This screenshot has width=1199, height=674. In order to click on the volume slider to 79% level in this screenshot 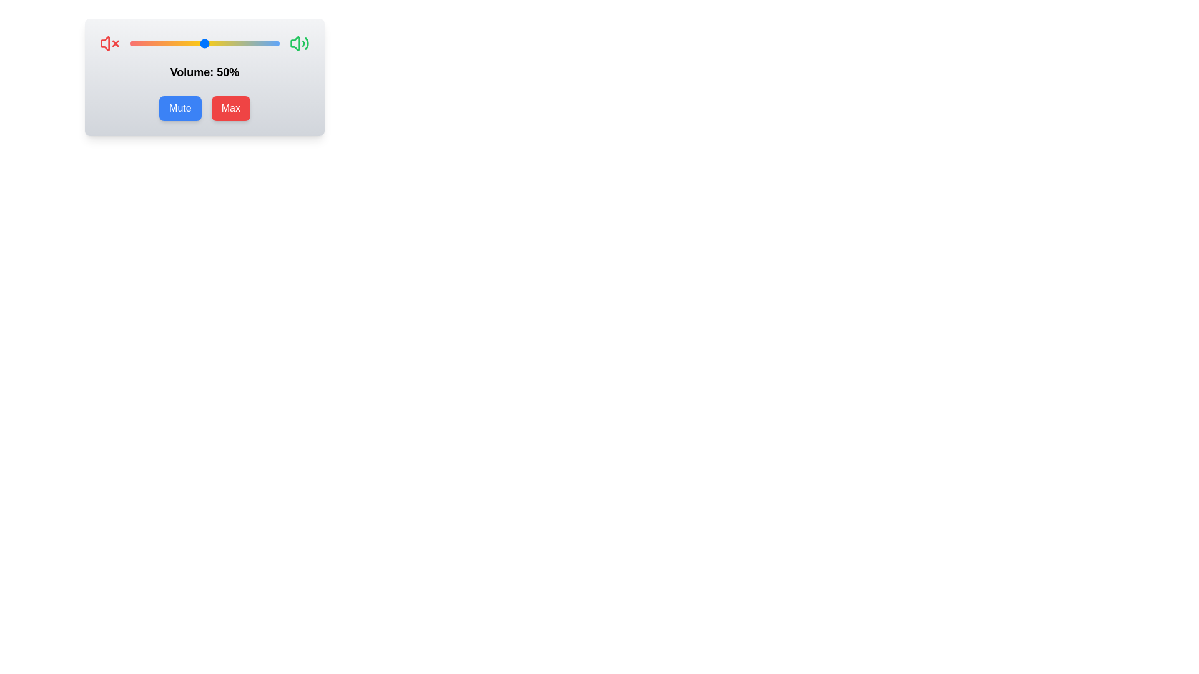, I will do `click(248, 42)`.